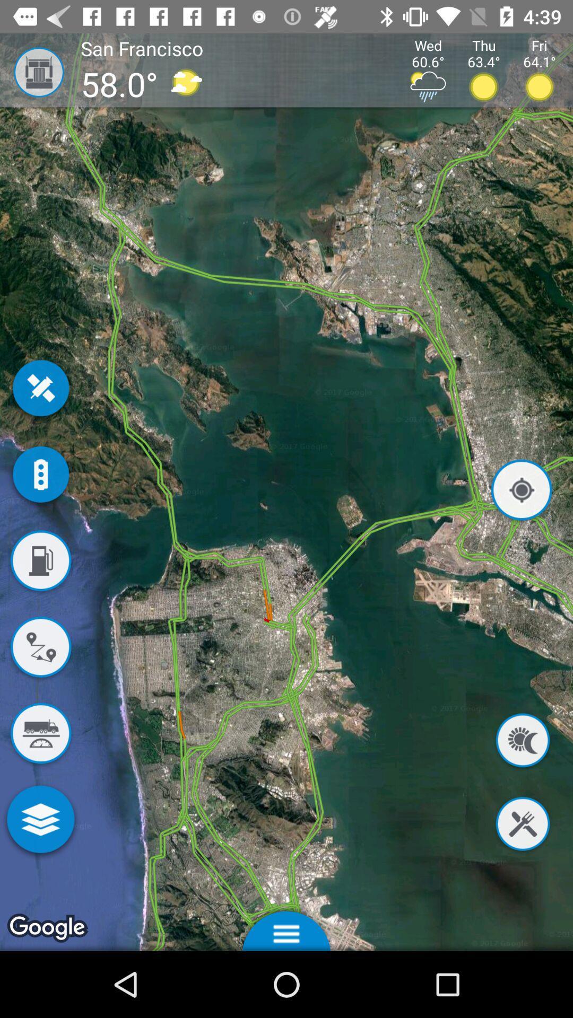 Image resolution: width=573 pixels, height=1018 pixels. I want to click on map layer, so click(40, 821).